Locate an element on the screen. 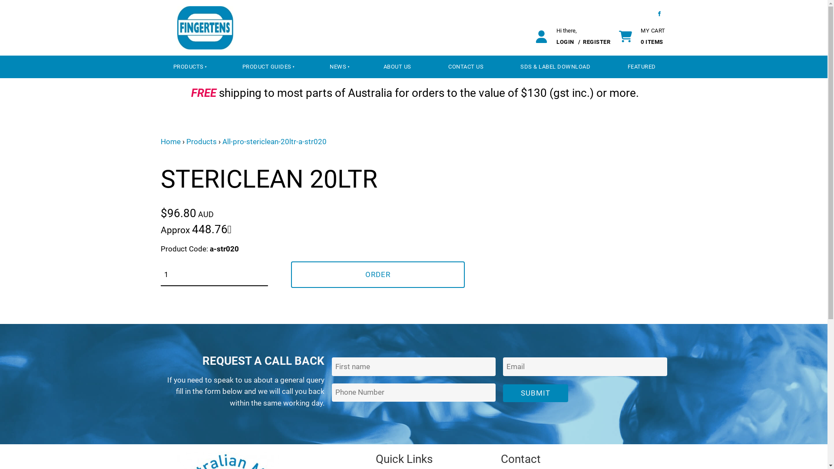  'All-pro-stericlean-20ltr-a-str020' is located at coordinates (274, 141).